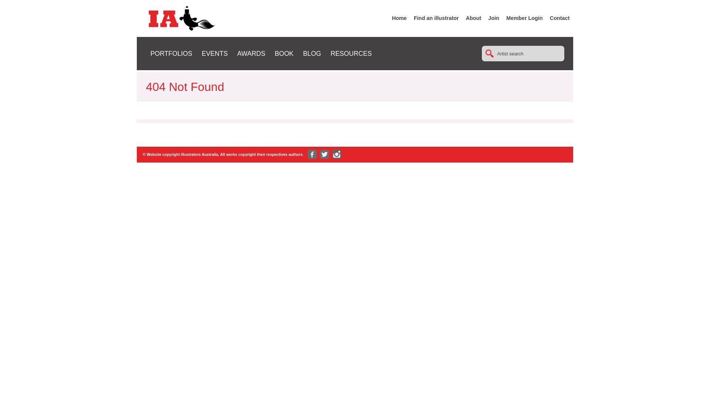  What do you see at coordinates (150, 53) in the screenshot?
I see `'PORTFOLIOS'` at bounding box center [150, 53].